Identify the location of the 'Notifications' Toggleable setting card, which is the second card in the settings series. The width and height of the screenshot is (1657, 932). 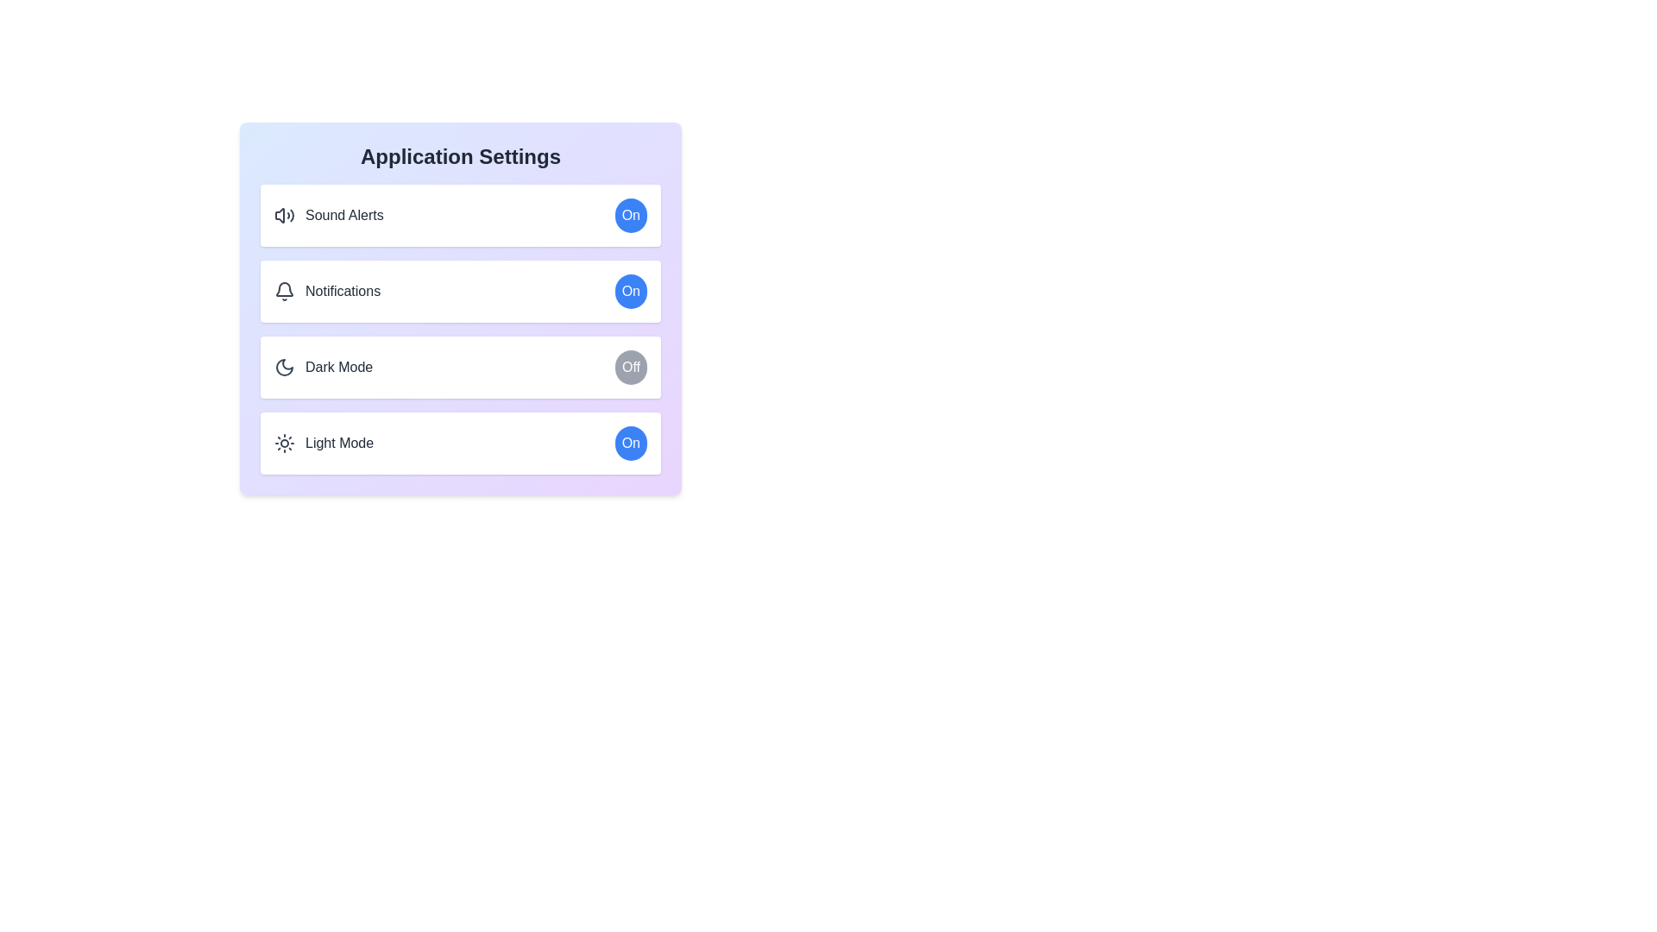
(460, 308).